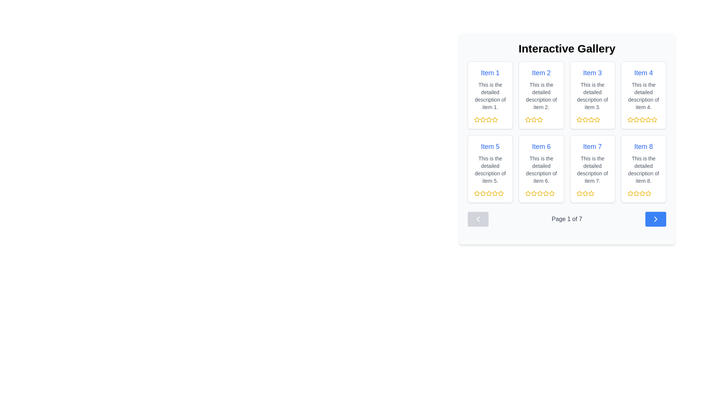 This screenshot has width=715, height=402. Describe the element at coordinates (541, 95) in the screenshot. I see `the rectangular card with a white background, rounded corners, featuring the blue title 'Item 2' and a description below it, located in the first row and second column of the grid layout` at that location.